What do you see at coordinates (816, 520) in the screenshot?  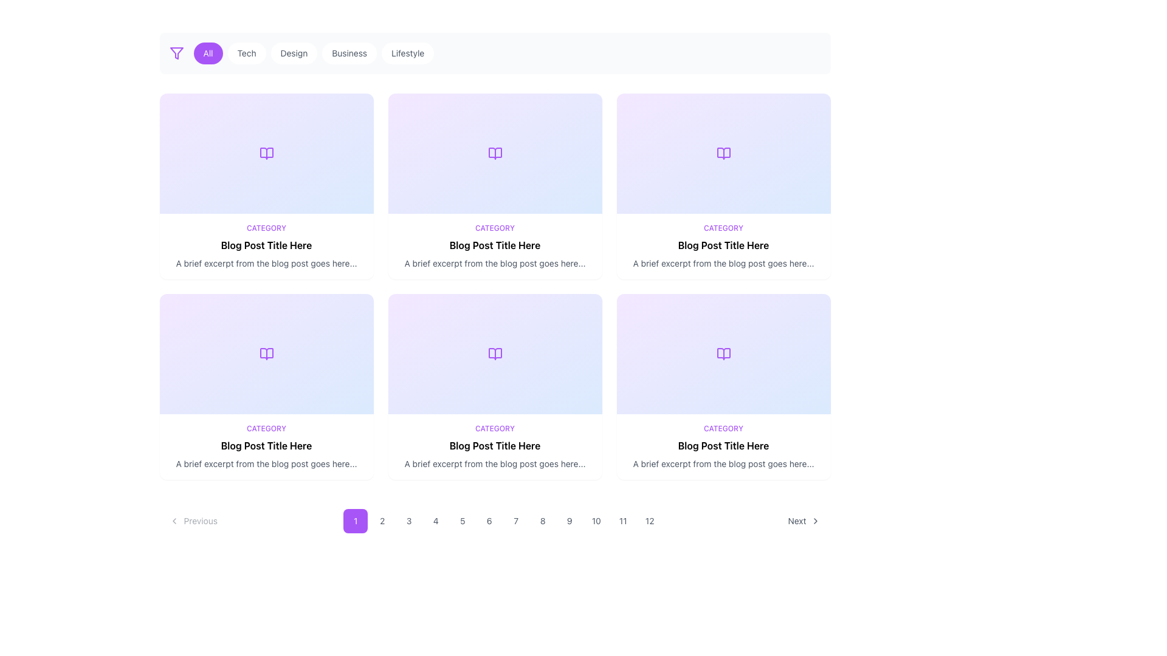 I see `the 'Next' button icon located at the bottom-right corner of the interface` at bounding box center [816, 520].